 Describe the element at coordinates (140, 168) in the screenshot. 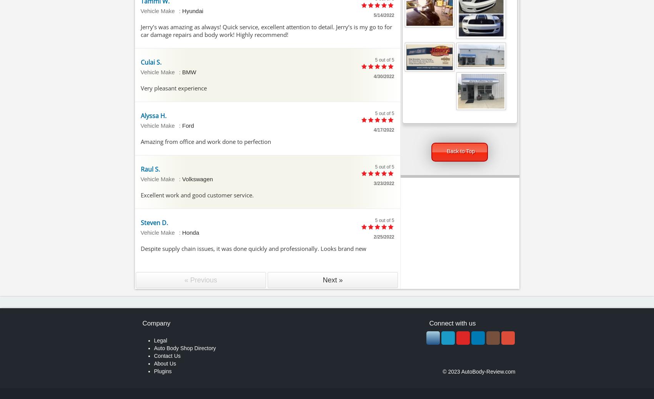

I see `'Raul S.'` at that location.